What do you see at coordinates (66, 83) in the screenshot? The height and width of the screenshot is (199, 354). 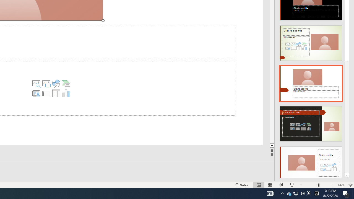 I see `'Insert a SmartArt Graphic'` at bounding box center [66, 83].